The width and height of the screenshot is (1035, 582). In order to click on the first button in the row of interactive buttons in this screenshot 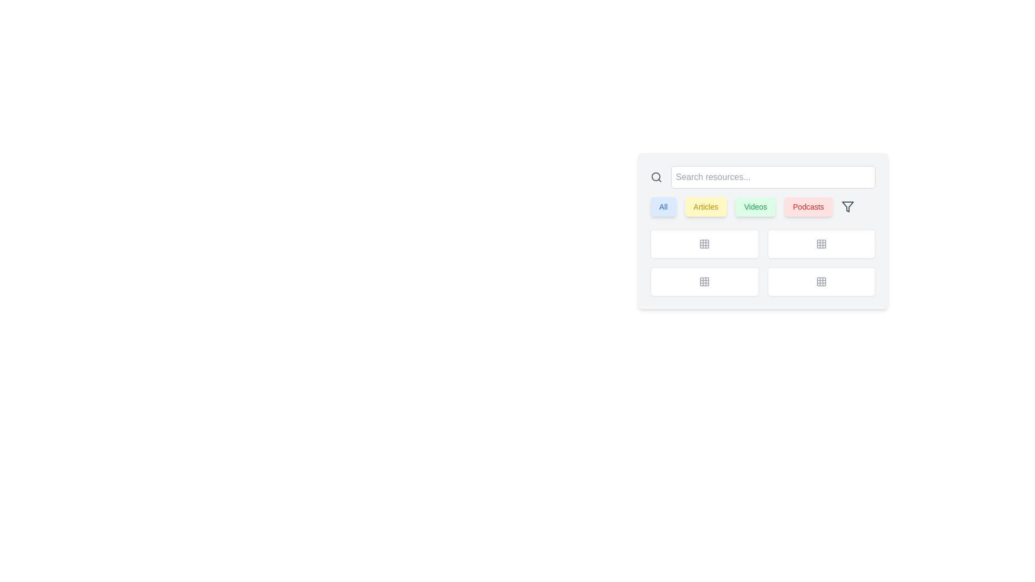, I will do `click(663, 207)`.